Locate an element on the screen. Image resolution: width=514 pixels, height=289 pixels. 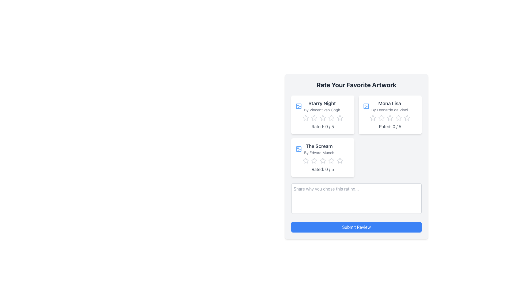
text element displaying 'By Leonardo da Vinci', which is located beneath the title 'Mona Lisa' in a card-like structure is located at coordinates (390, 110).